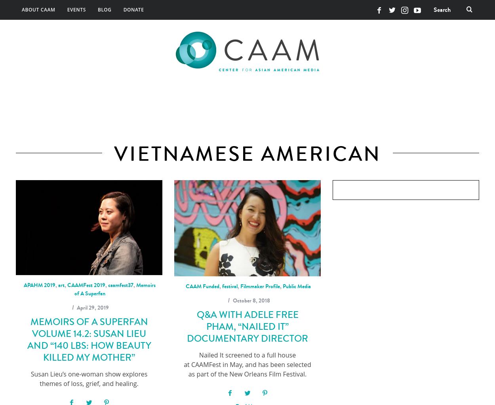 This screenshot has width=495, height=405. What do you see at coordinates (300, 101) in the screenshot?
I see `'For Mediamakers'` at bounding box center [300, 101].